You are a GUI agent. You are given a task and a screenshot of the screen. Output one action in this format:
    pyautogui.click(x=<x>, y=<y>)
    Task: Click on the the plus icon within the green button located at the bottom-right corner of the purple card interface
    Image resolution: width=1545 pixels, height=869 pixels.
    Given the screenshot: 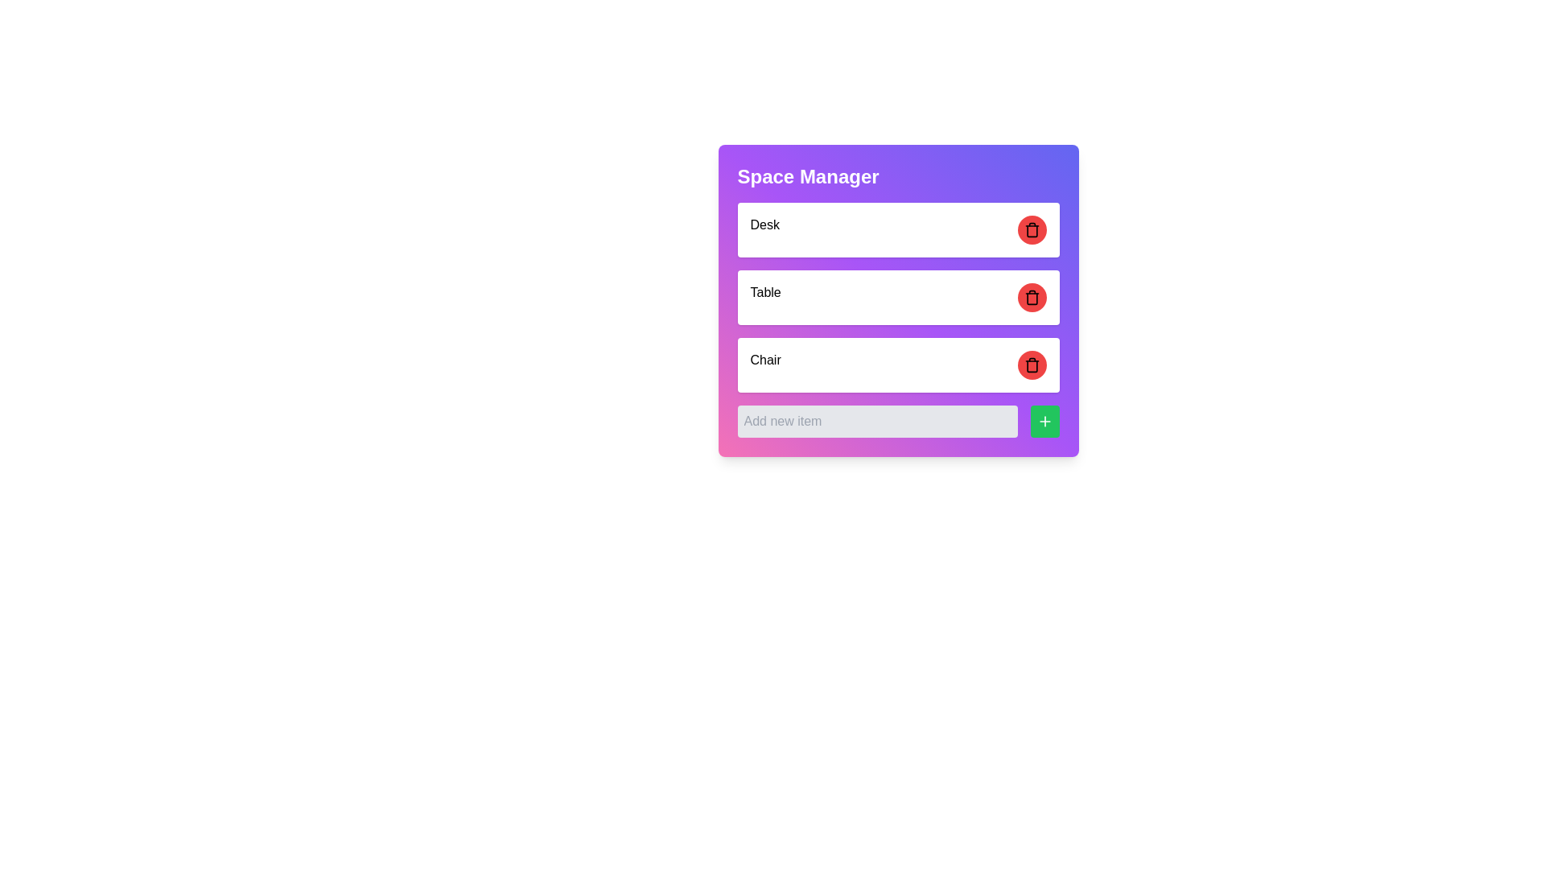 What is the action you would take?
    pyautogui.click(x=1044, y=421)
    